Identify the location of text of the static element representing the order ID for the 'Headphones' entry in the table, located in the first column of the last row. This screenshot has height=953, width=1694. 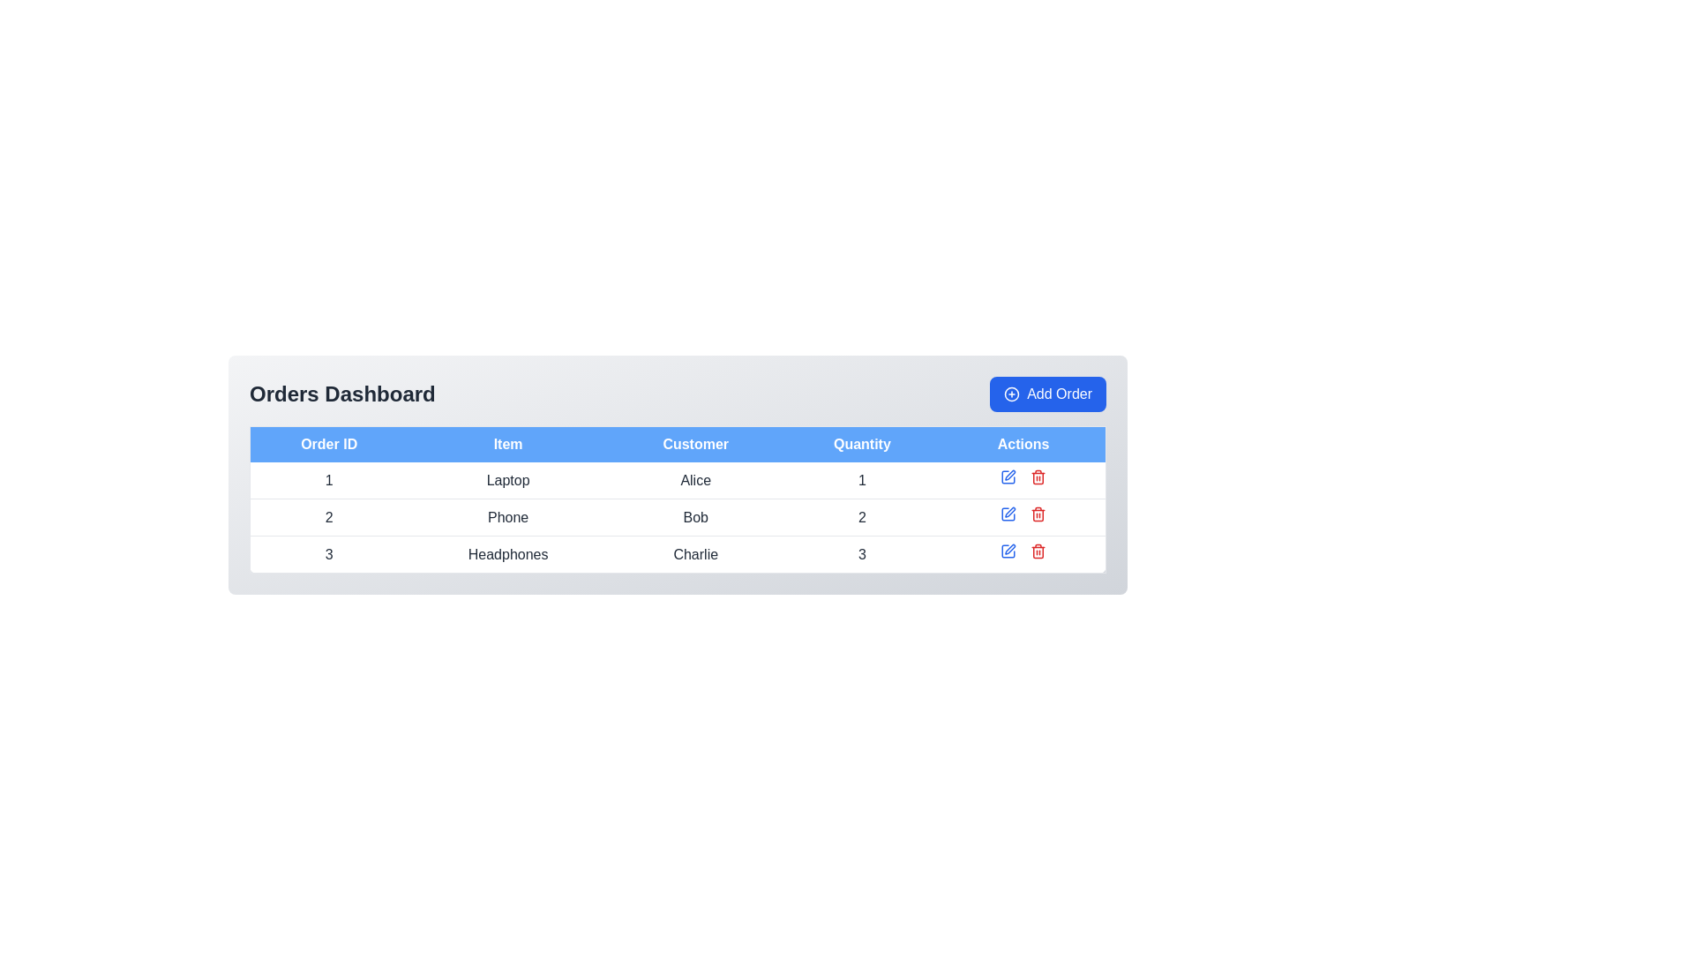
(328, 553).